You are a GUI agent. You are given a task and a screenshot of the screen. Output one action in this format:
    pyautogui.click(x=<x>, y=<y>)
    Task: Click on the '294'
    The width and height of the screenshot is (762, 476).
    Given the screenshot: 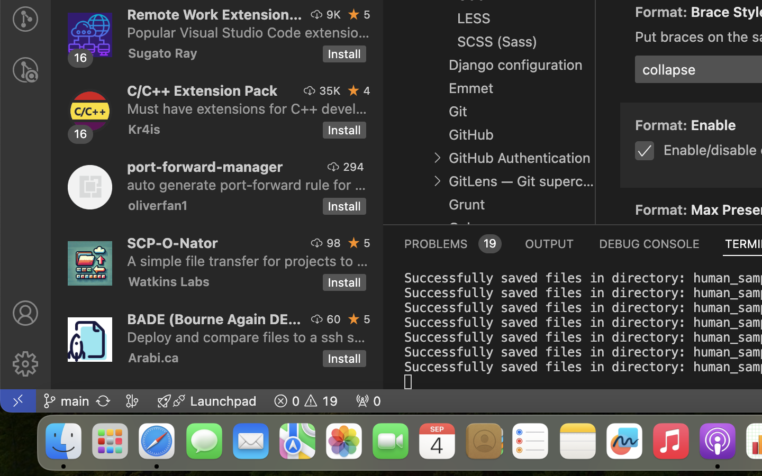 What is the action you would take?
    pyautogui.click(x=353, y=166)
    